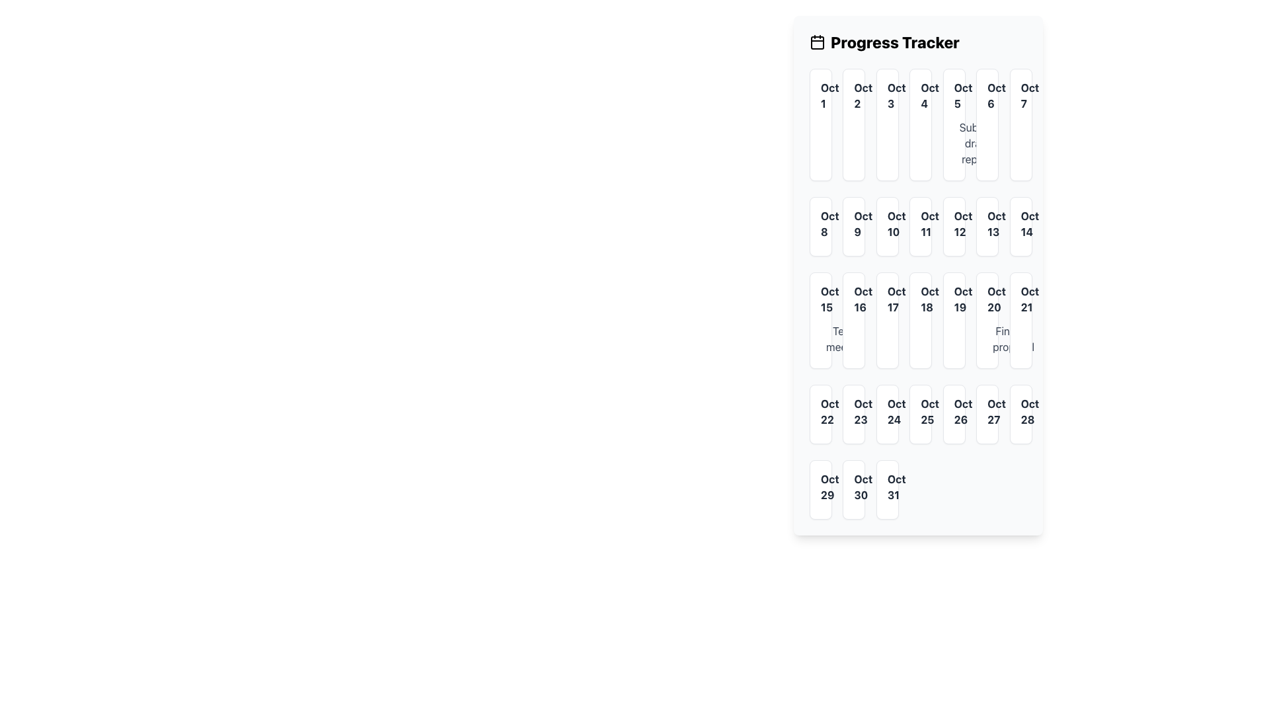 The width and height of the screenshot is (1269, 714). I want to click on the Interactive calendar cell representing 'October 1st' in the Progress Tracker UI, so click(820, 125).